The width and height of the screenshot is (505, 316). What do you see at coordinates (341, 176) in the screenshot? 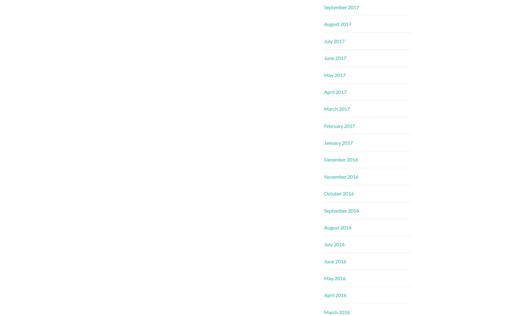
I see `'November 2016'` at bounding box center [341, 176].